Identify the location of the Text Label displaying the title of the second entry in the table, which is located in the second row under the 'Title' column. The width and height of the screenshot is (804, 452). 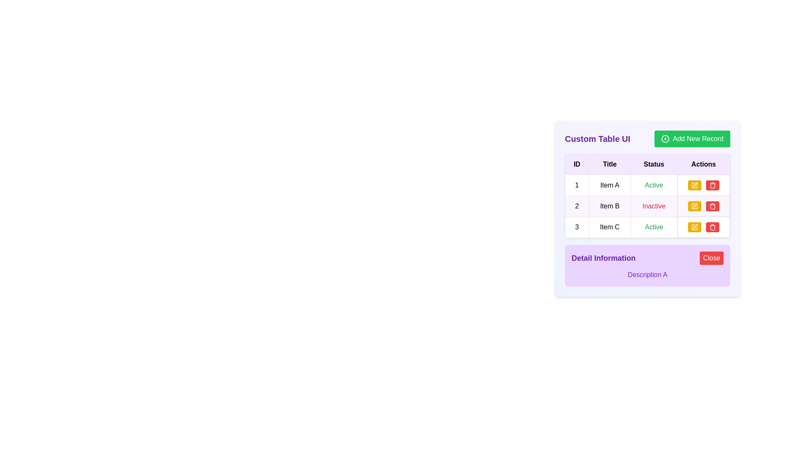
(610, 206).